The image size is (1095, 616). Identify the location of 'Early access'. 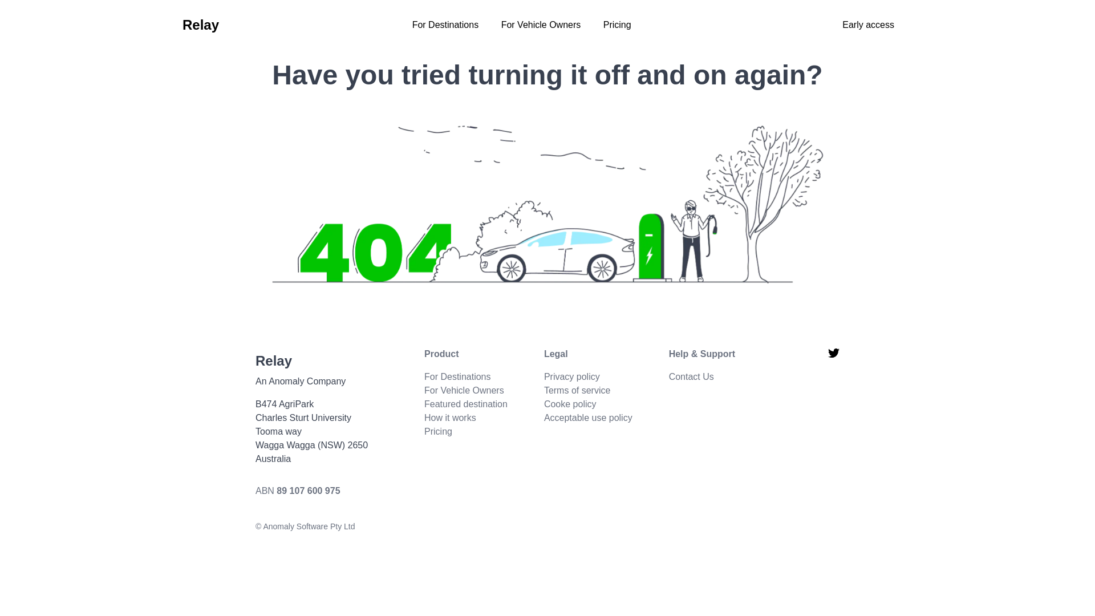
(867, 25).